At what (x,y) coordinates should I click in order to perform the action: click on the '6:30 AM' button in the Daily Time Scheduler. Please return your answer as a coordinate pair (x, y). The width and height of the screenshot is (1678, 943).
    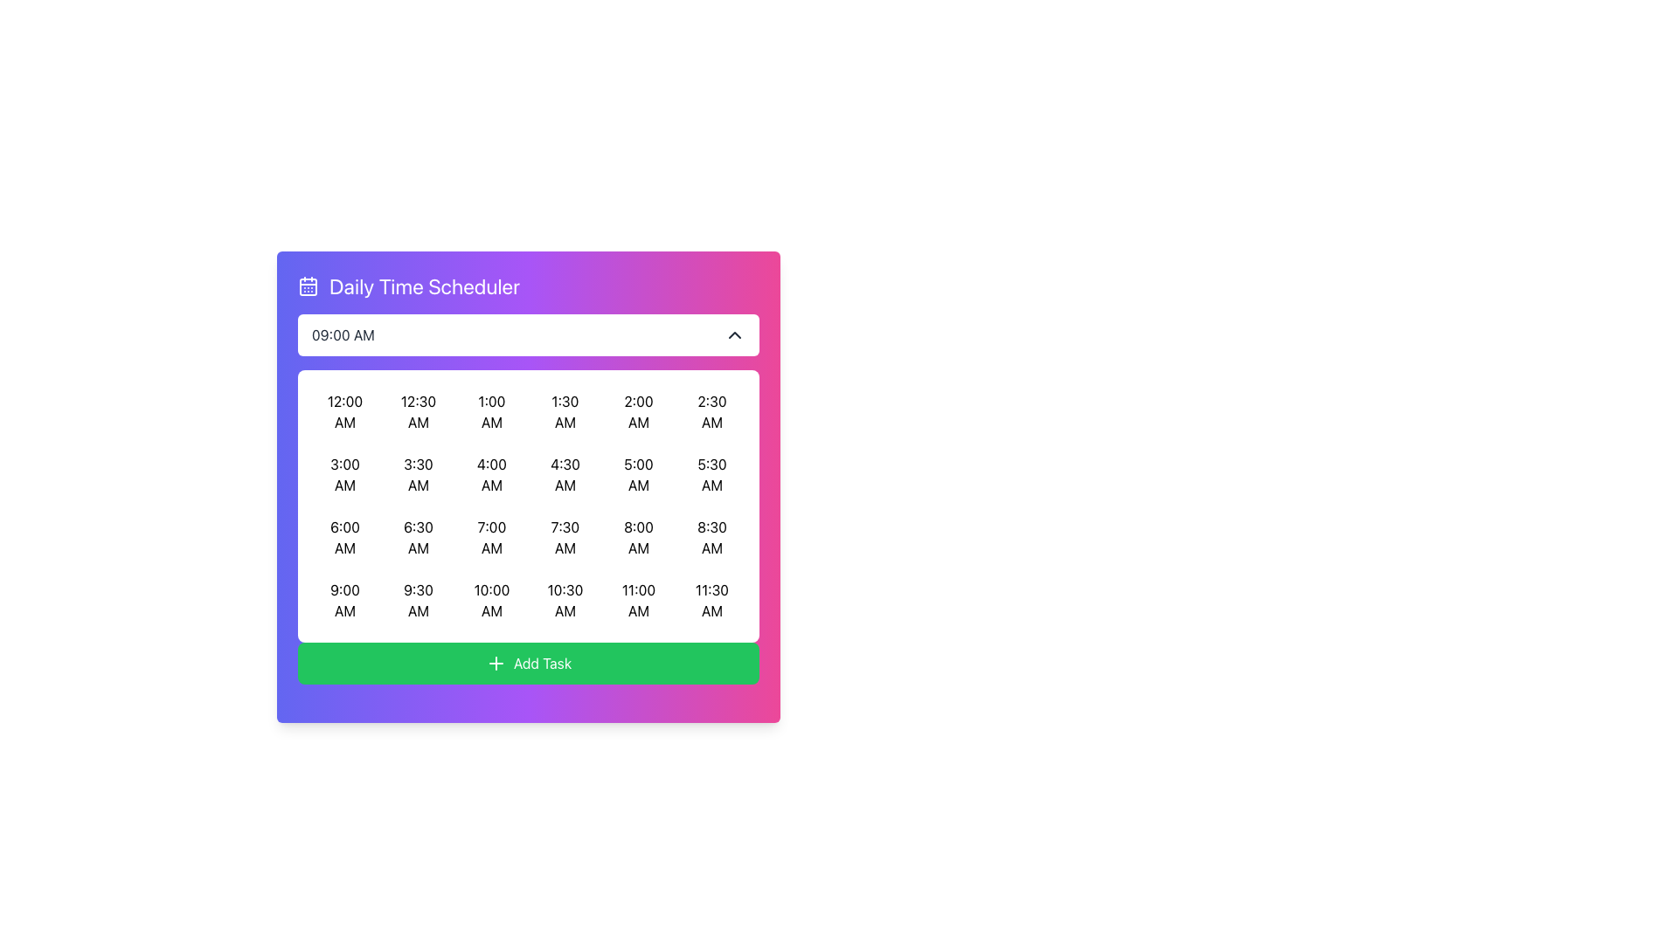
    Looking at the image, I should click on (418, 537).